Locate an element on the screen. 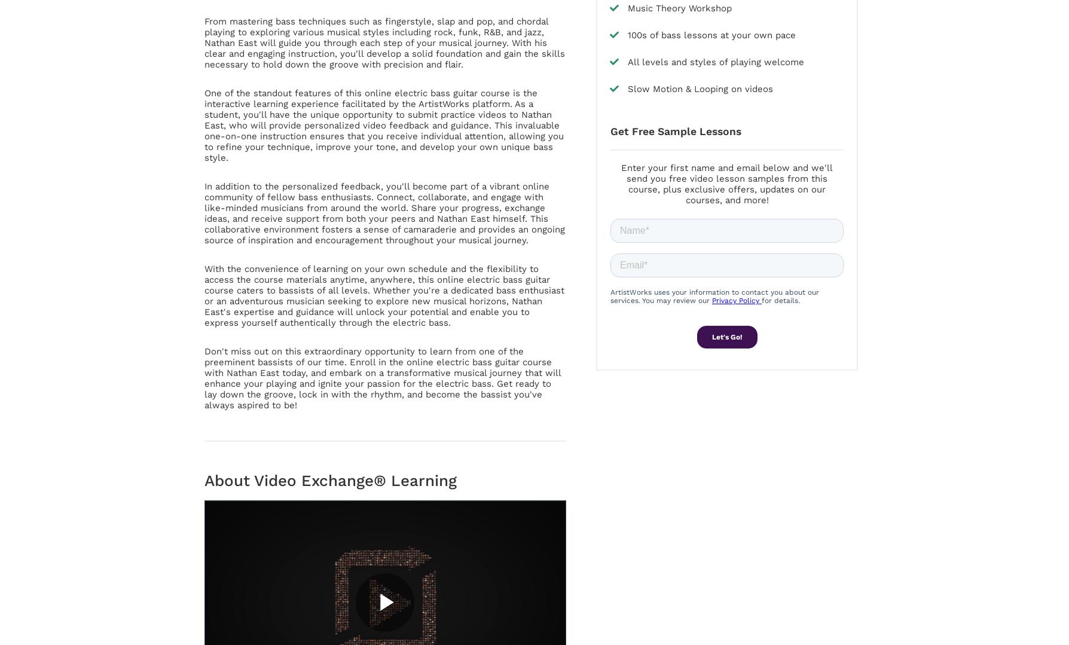 The image size is (1069, 645). 'Get Free Sample Lessons' is located at coordinates (675, 131).